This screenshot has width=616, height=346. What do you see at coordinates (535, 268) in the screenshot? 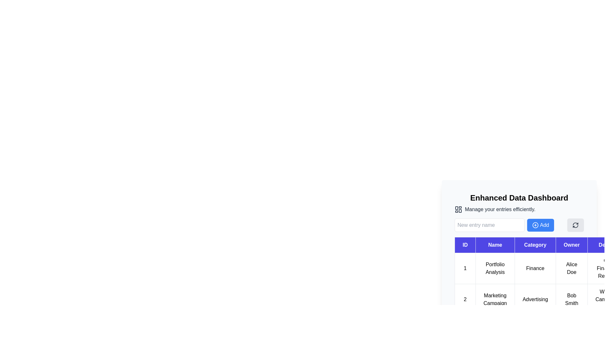
I see `the static text label indicating 'Finance' in the third column of the first row of the data table under the header 'Category'` at bounding box center [535, 268].